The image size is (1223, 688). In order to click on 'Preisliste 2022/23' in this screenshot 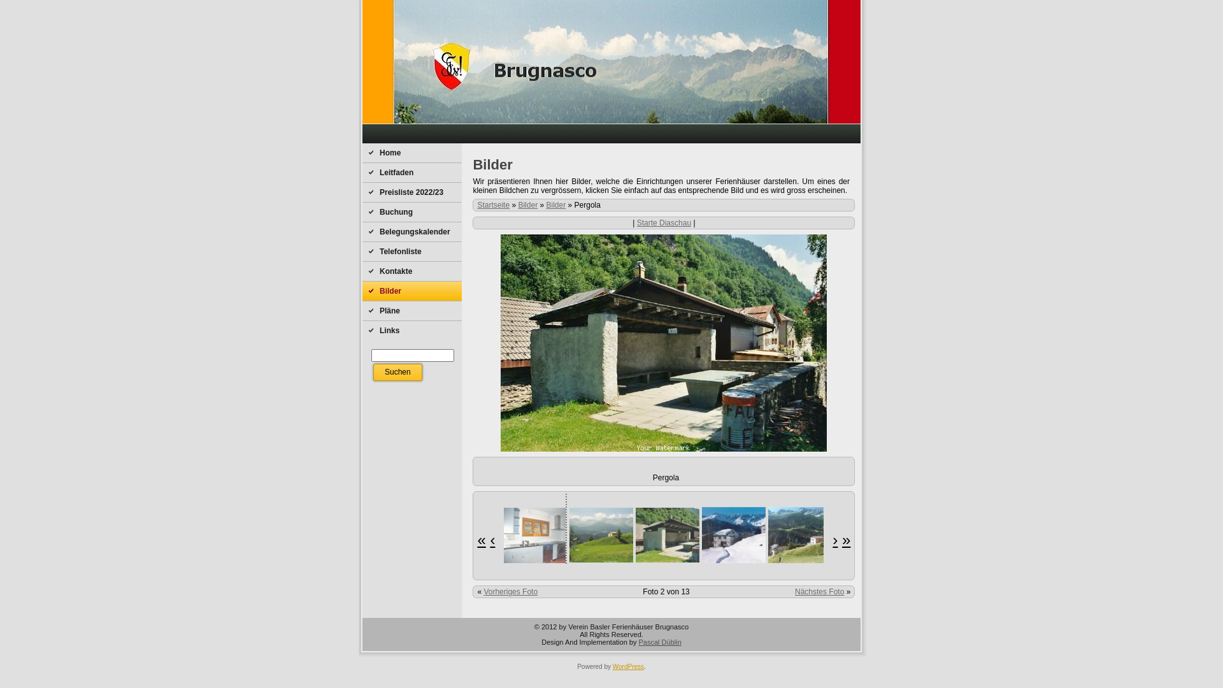, I will do `click(412, 192)`.